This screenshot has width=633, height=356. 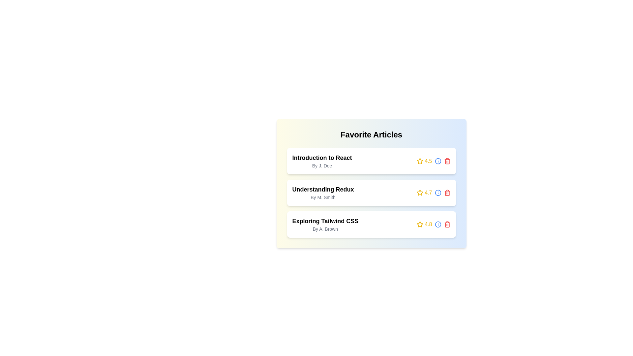 What do you see at coordinates (438, 224) in the screenshot?
I see `the 'info' icon next to the article titled 'Exploring Tailwind CSS' to view its details` at bounding box center [438, 224].